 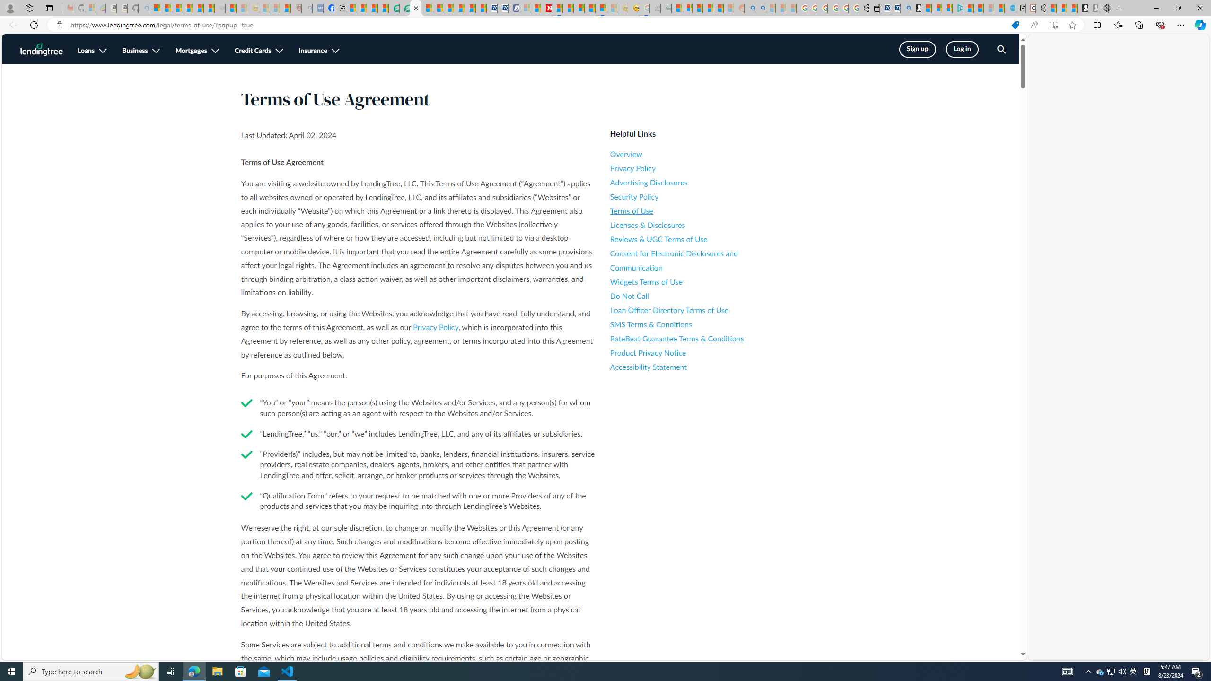 What do you see at coordinates (197, 8) in the screenshot?
I see `'New Report Confirms 2023 Was Record Hot | Watch'` at bounding box center [197, 8].